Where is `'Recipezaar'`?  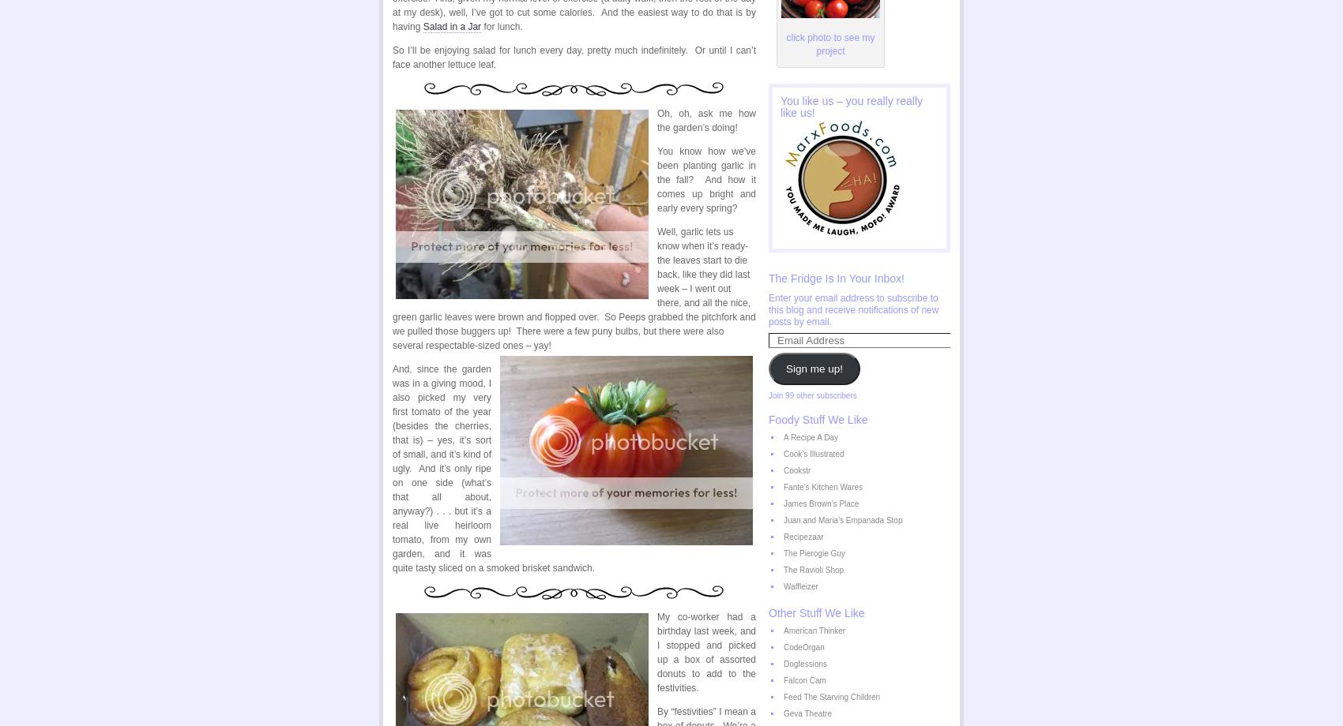
'Recipezaar' is located at coordinates (802, 536).